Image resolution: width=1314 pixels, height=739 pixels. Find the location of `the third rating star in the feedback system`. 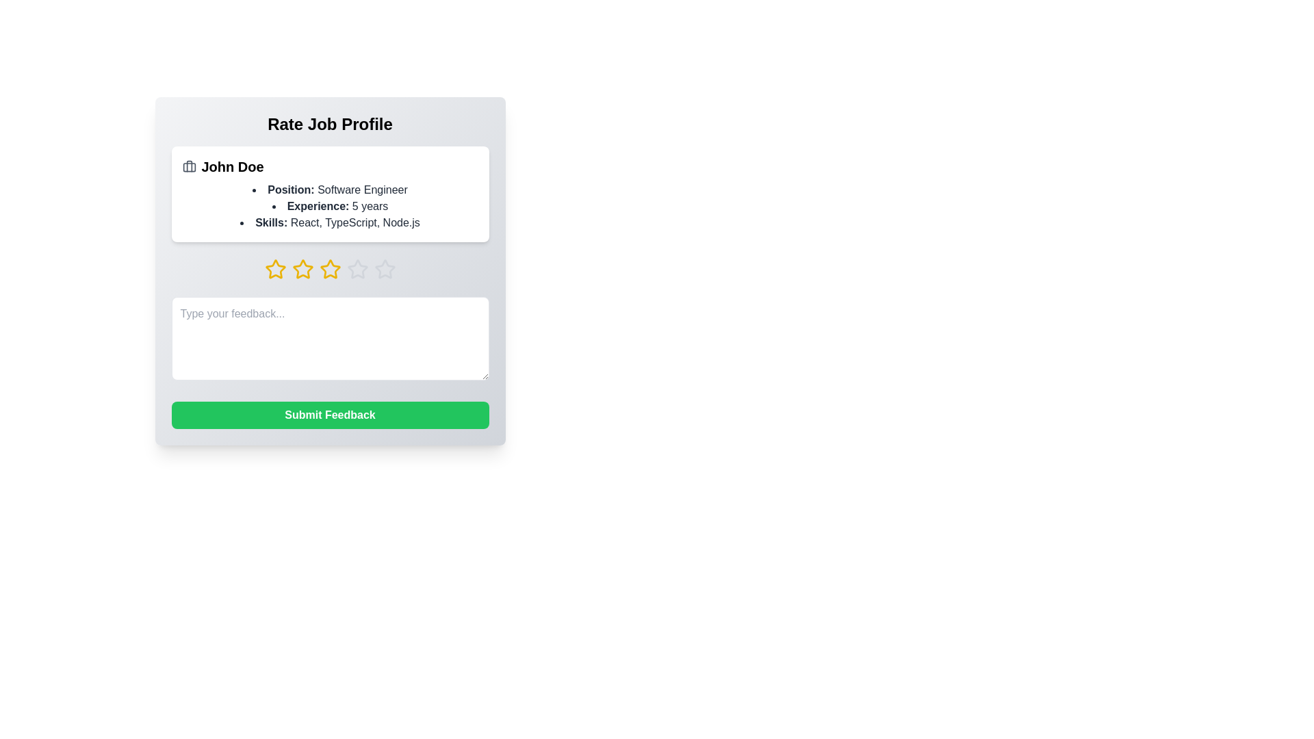

the third rating star in the feedback system is located at coordinates (302, 269).